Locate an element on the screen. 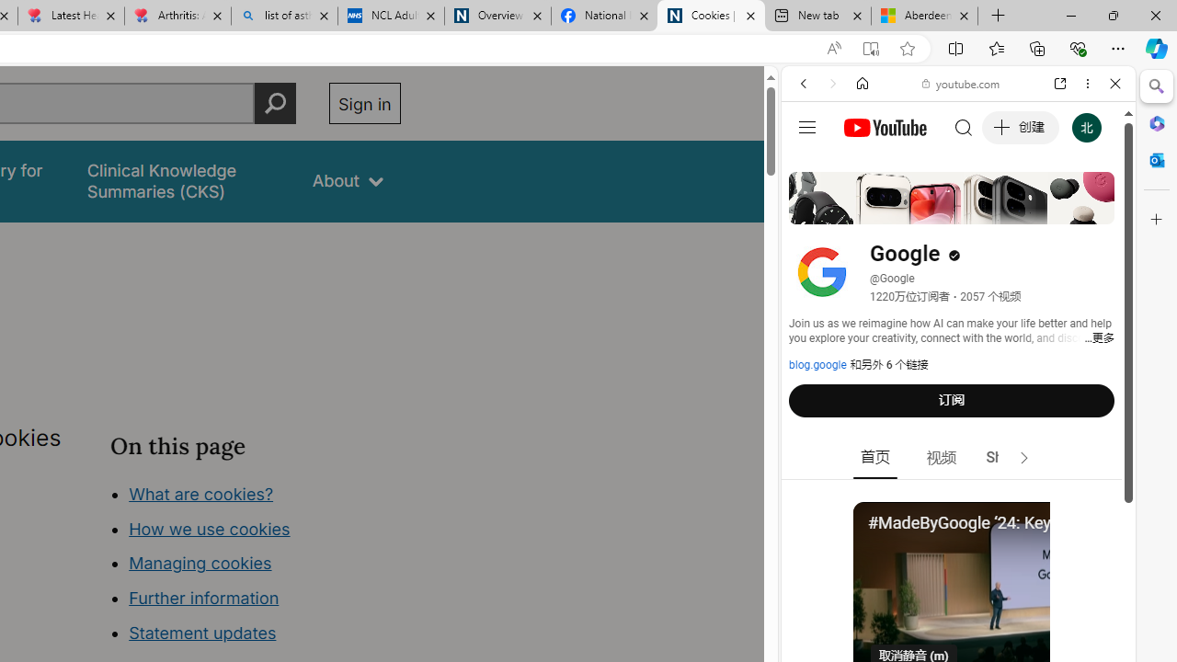 Image resolution: width=1177 pixels, height=662 pixels. 'Music' is located at coordinates (957, 500).